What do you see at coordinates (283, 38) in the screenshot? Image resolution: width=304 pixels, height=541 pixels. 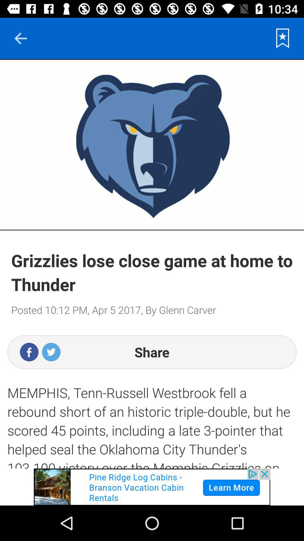 I see `the bookmark icon` at bounding box center [283, 38].